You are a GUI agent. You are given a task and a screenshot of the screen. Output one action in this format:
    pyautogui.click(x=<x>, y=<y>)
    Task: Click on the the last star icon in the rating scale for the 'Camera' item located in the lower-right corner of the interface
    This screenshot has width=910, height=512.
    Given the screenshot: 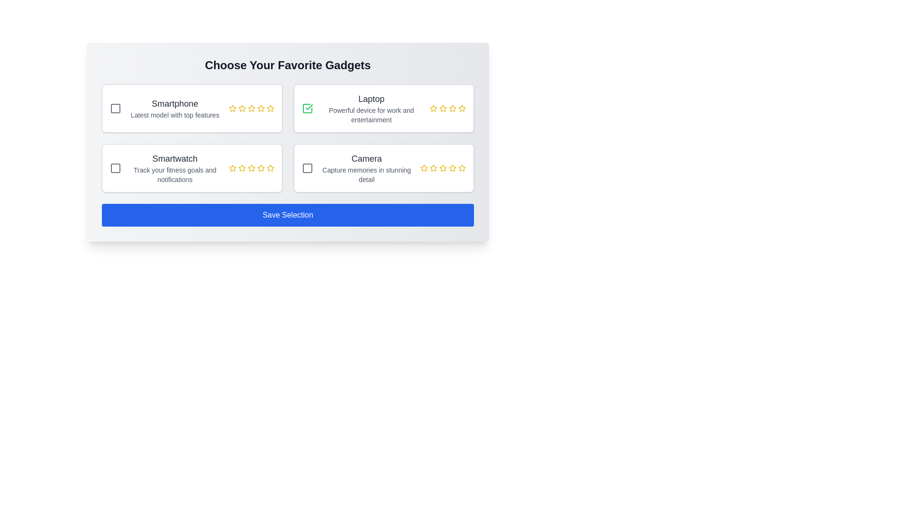 What is the action you would take?
    pyautogui.click(x=462, y=167)
    